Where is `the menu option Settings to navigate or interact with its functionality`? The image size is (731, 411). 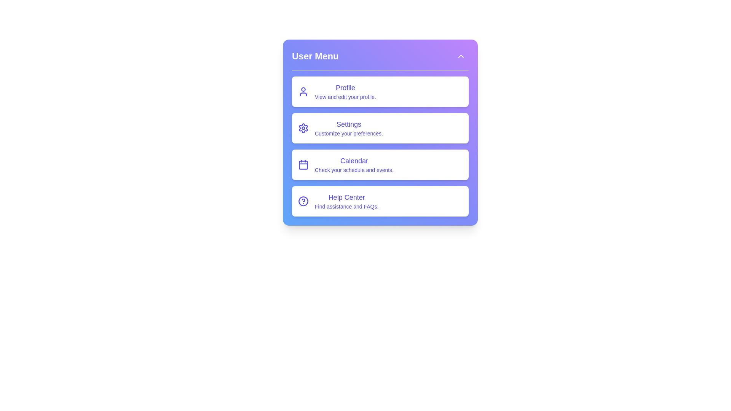
the menu option Settings to navigate or interact with its functionality is located at coordinates (380, 127).